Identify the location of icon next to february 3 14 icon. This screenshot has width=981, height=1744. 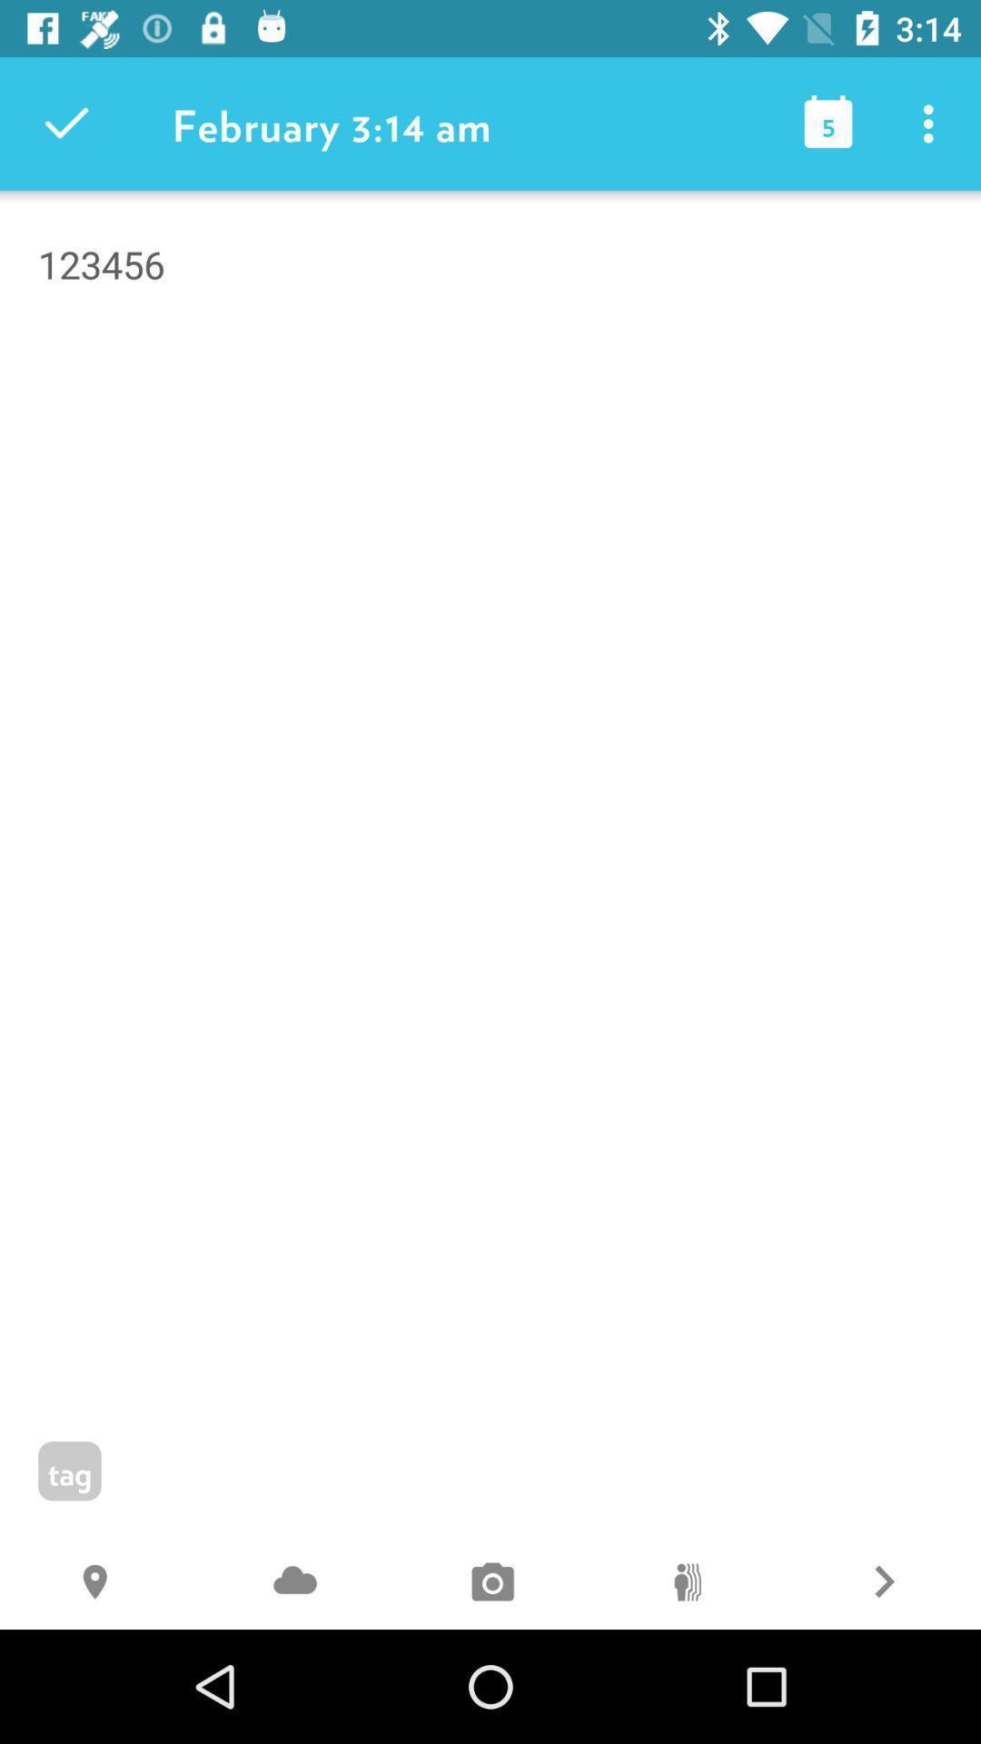
(65, 123).